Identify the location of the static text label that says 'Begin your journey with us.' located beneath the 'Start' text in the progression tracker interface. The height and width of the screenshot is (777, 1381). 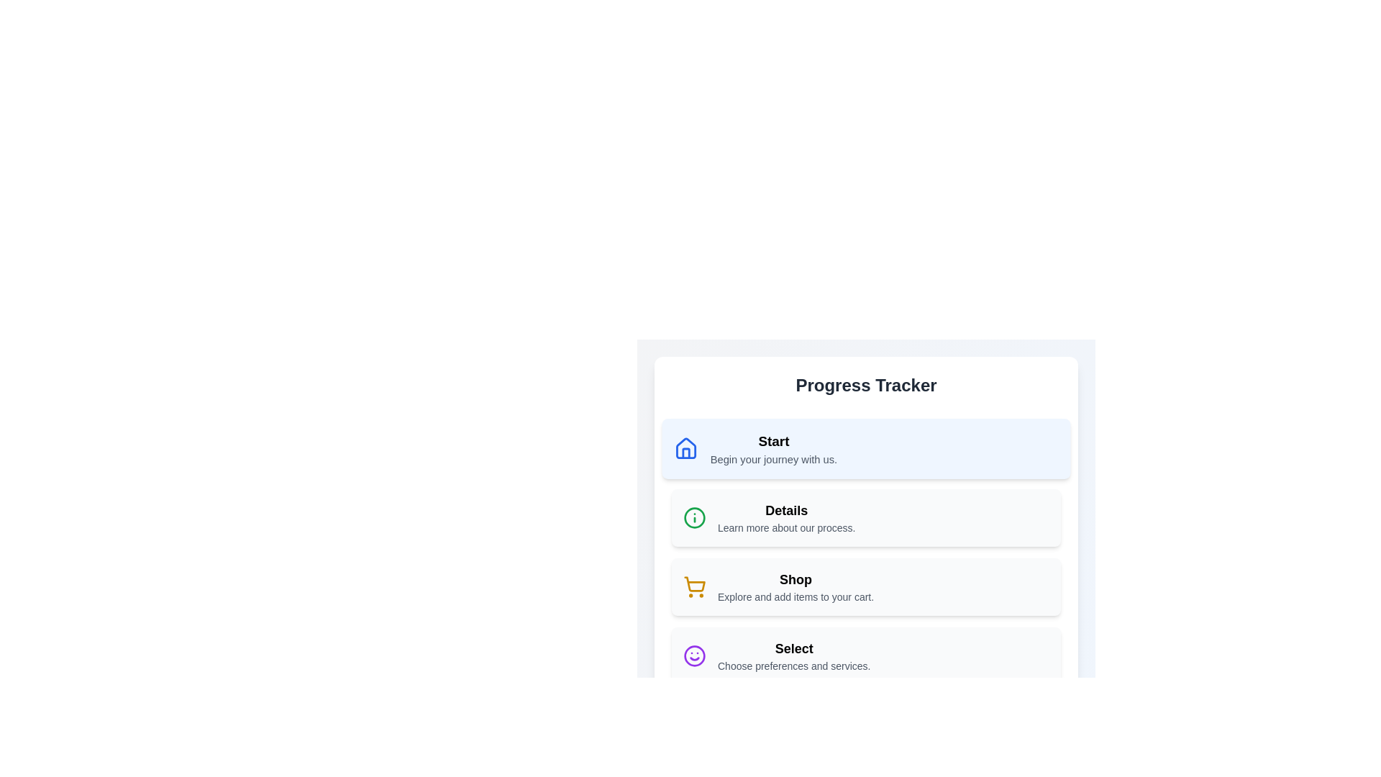
(772, 459).